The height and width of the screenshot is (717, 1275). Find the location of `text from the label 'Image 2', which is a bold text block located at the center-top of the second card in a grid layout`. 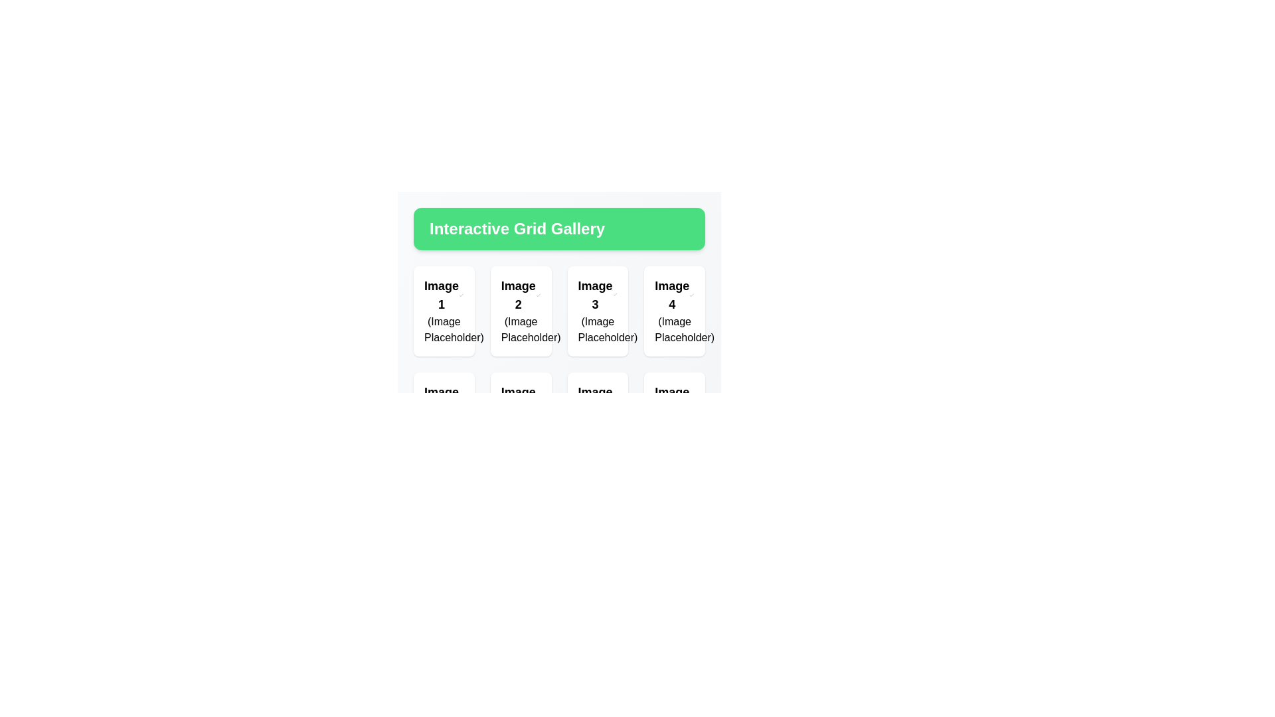

text from the label 'Image 2', which is a bold text block located at the center-top of the second card in a grid layout is located at coordinates (520, 294).